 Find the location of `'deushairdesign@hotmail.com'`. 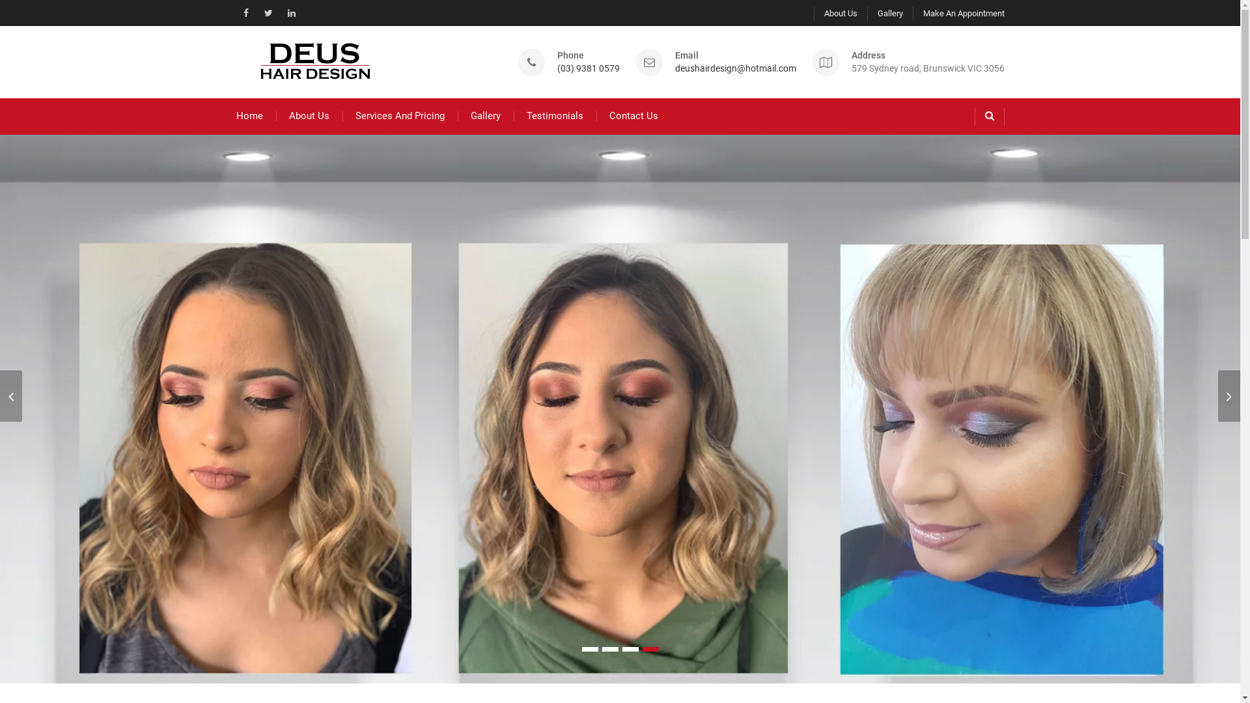

'deushairdesign@hotmail.com' is located at coordinates (734, 68).